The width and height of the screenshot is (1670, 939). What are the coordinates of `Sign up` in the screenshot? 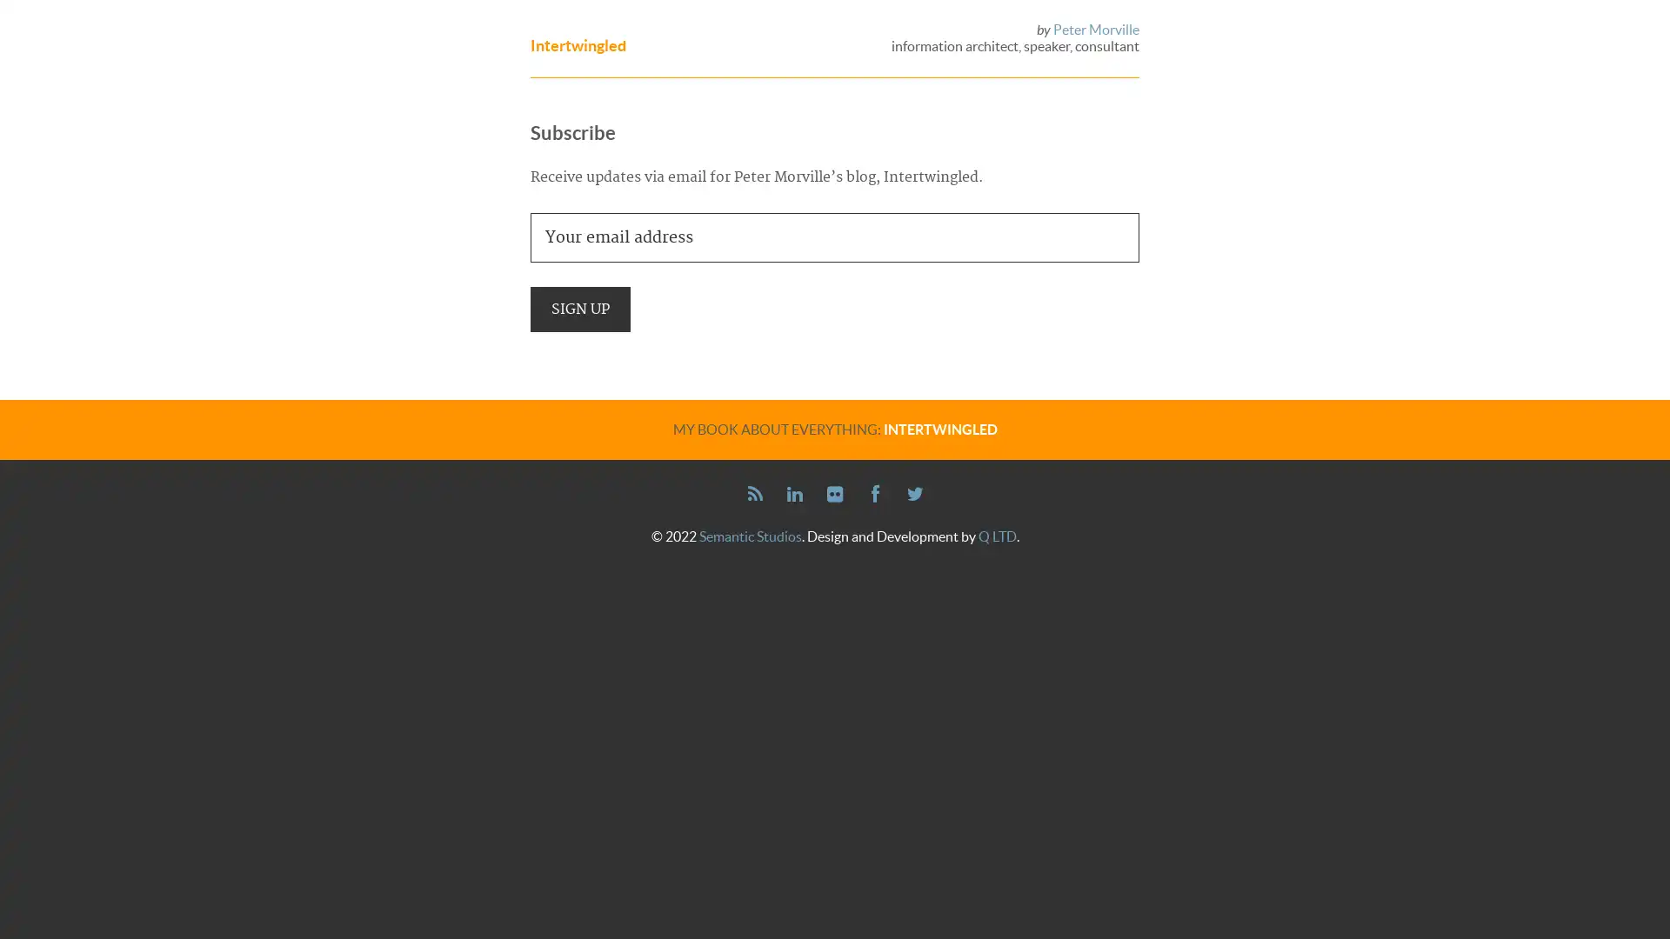 It's located at (580, 307).